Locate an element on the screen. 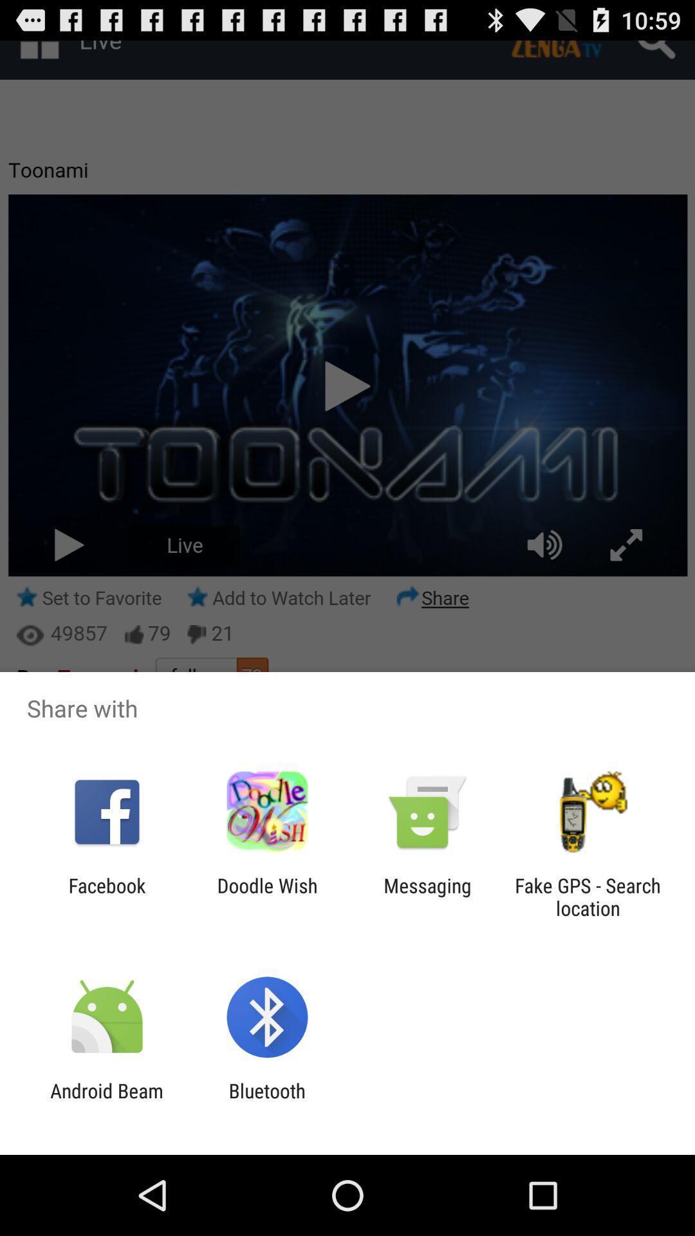 The width and height of the screenshot is (695, 1236). app to the left of the fake gps search is located at coordinates (427, 896).